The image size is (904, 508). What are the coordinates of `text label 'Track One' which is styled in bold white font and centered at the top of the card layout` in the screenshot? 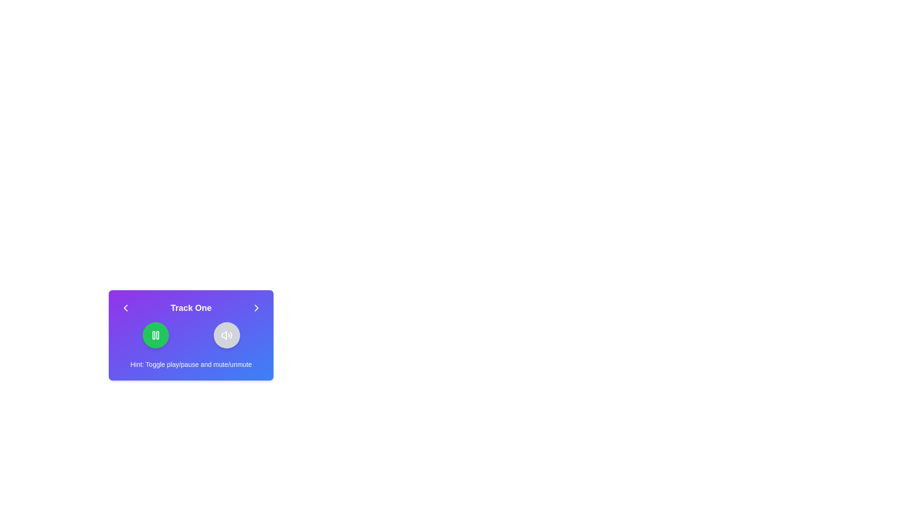 It's located at (191, 308).